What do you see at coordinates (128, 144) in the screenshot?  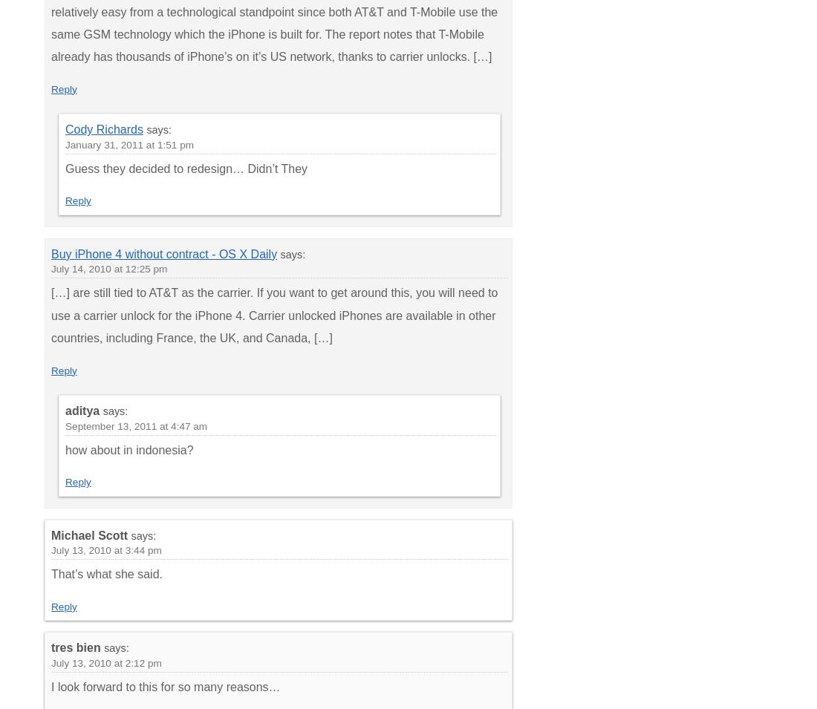 I see `'January 31, 2011 at 1:51 pm'` at bounding box center [128, 144].